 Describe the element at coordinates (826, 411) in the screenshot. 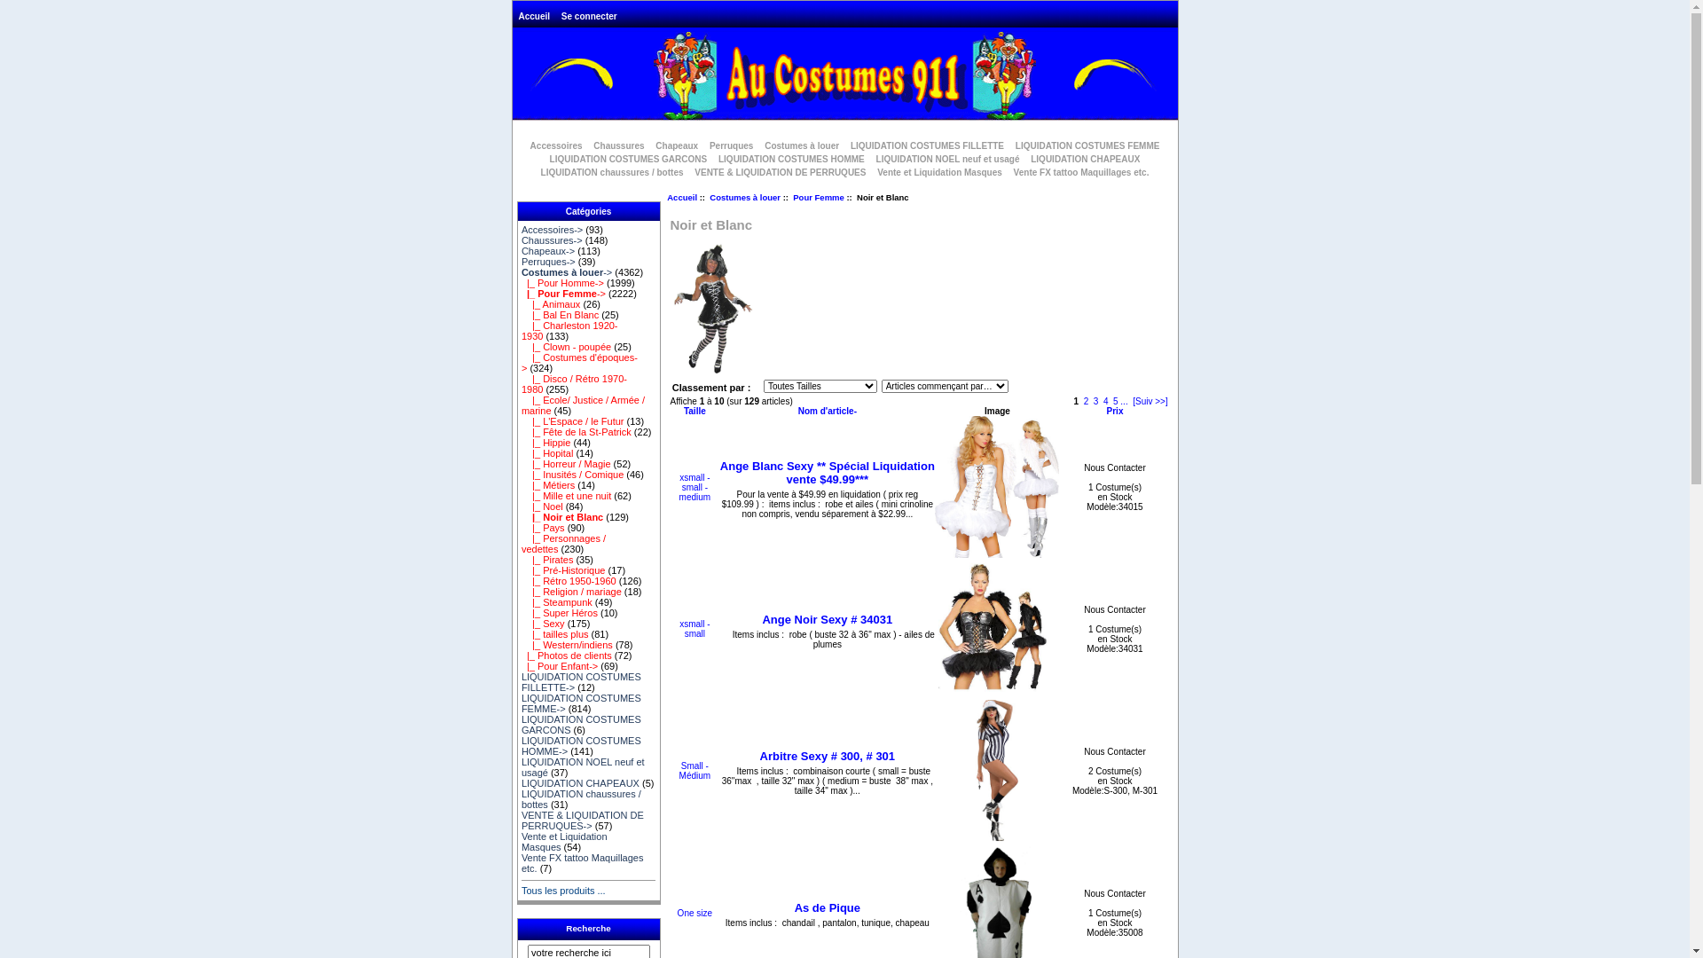

I see `'Nom d'article-'` at that location.